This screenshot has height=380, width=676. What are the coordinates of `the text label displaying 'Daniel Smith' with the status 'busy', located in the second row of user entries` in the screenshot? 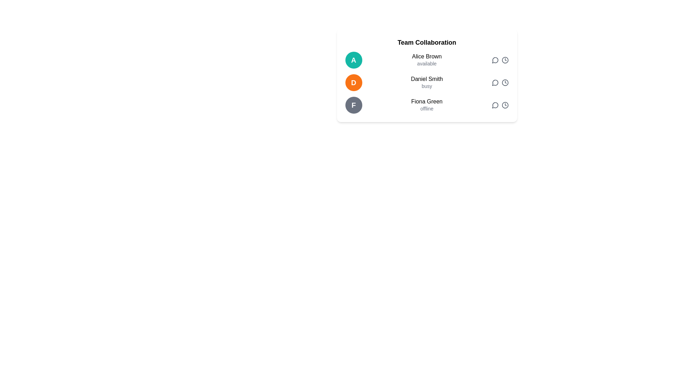 It's located at (426, 82).